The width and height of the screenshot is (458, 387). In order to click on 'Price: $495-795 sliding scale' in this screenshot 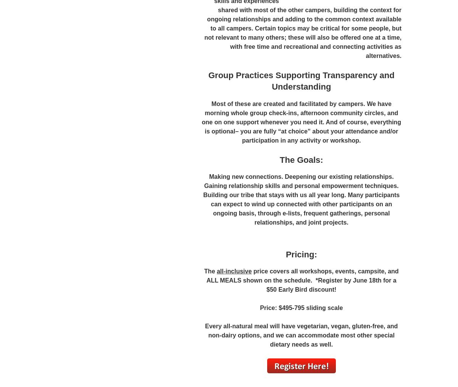, I will do `click(301, 308)`.